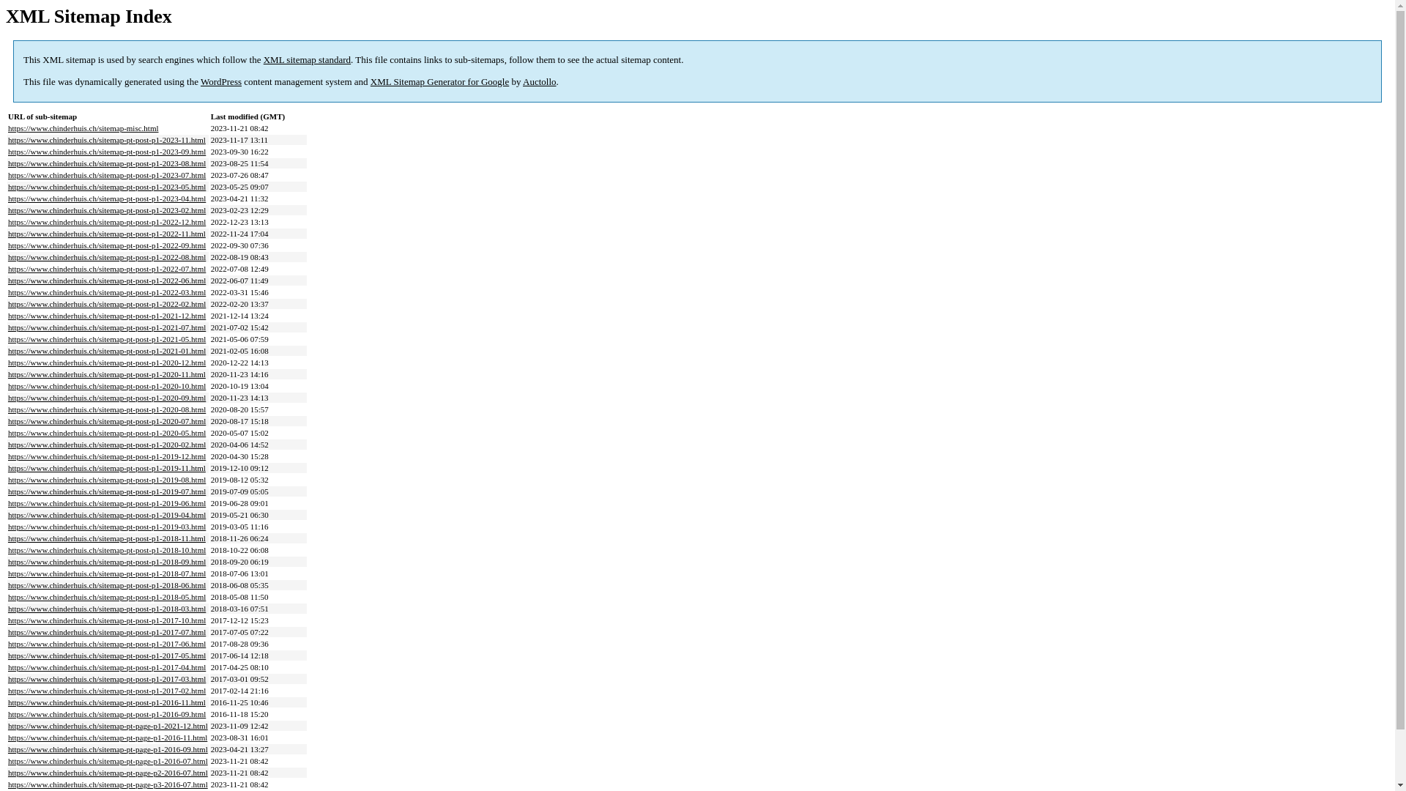 The height and width of the screenshot is (791, 1406). I want to click on 'https://www.chinderhuis.ch/sitemap-pt-post-p1-2020-05.html', so click(105, 431).